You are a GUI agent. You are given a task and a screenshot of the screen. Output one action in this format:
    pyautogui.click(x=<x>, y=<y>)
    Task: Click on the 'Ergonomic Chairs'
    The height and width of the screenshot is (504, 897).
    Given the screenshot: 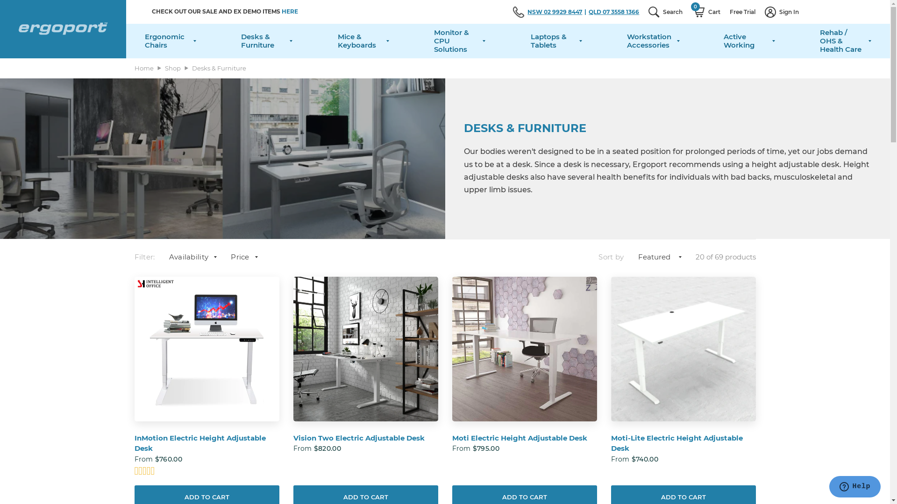 What is the action you would take?
    pyautogui.click(x=170, y=41)
    